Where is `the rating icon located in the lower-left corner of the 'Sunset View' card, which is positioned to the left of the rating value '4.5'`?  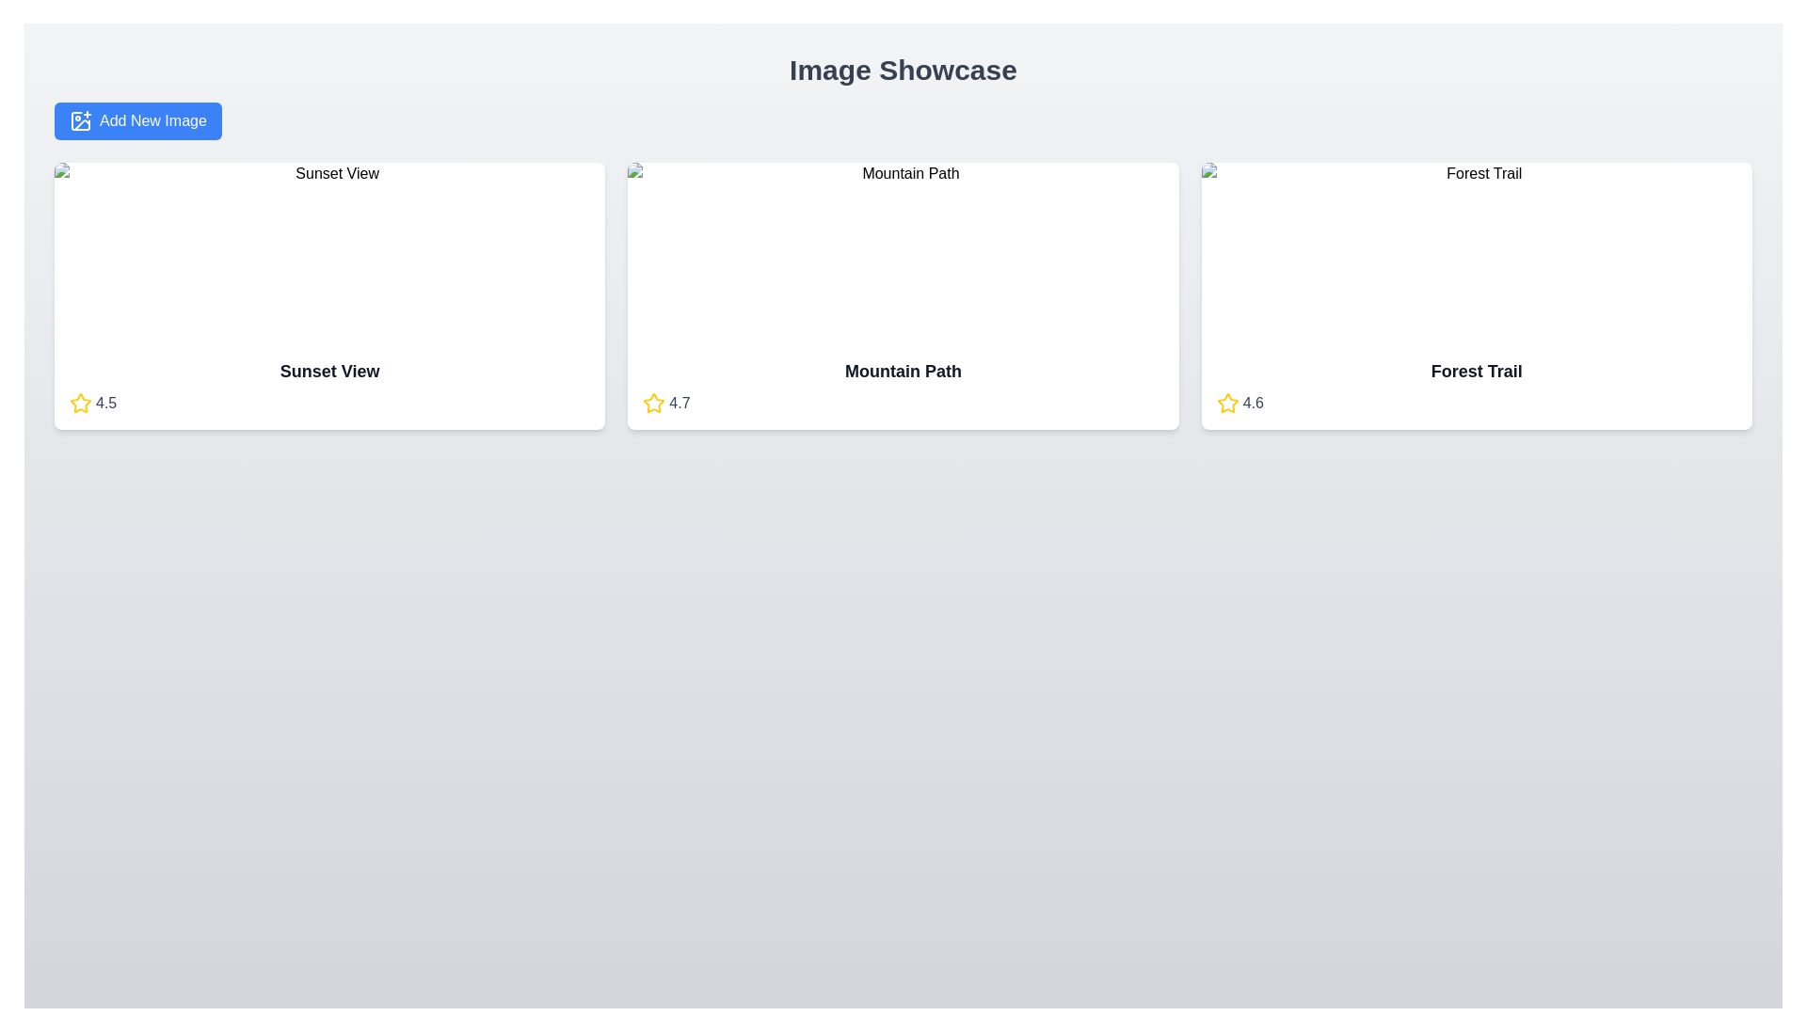 the rating icon located in the lower-left corner of the 'Sunset View' card, which is positioned to the left of the rating value '4.5' is located at coordinates (80, 402).